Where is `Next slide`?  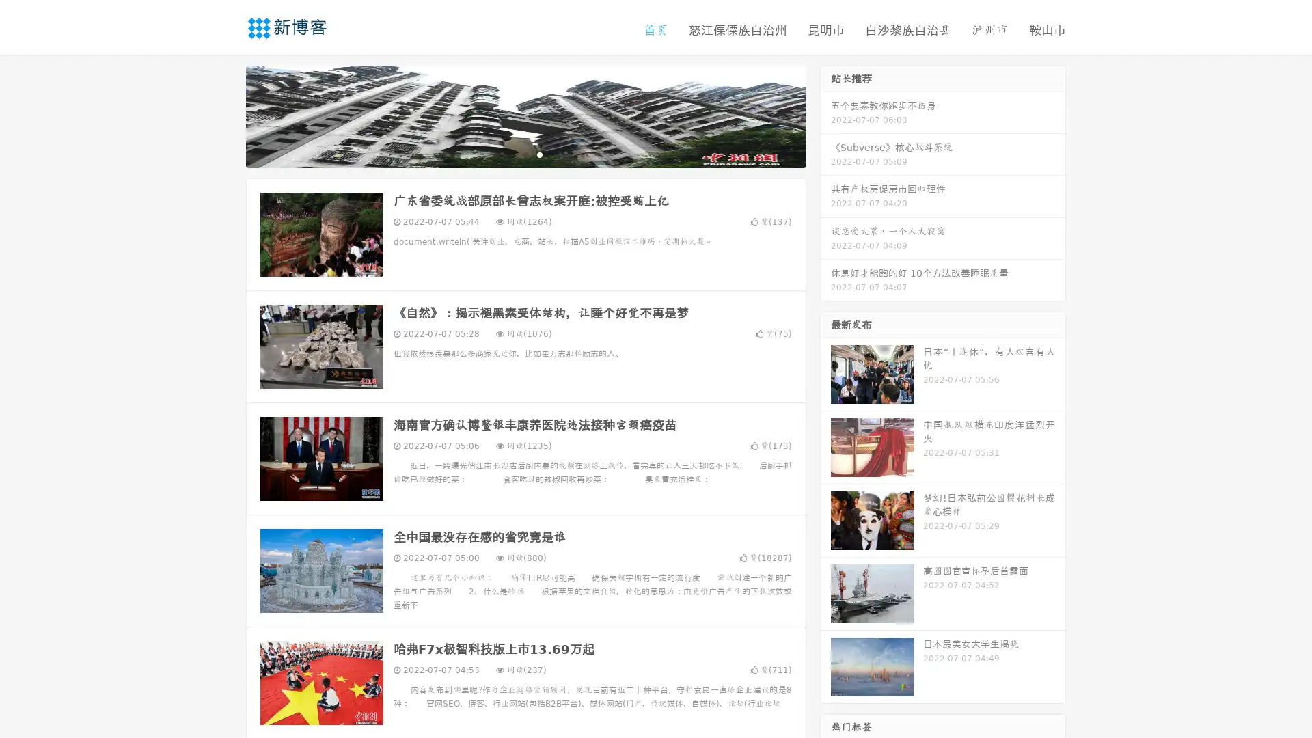 Next slide is located at coordinates (825, 115).